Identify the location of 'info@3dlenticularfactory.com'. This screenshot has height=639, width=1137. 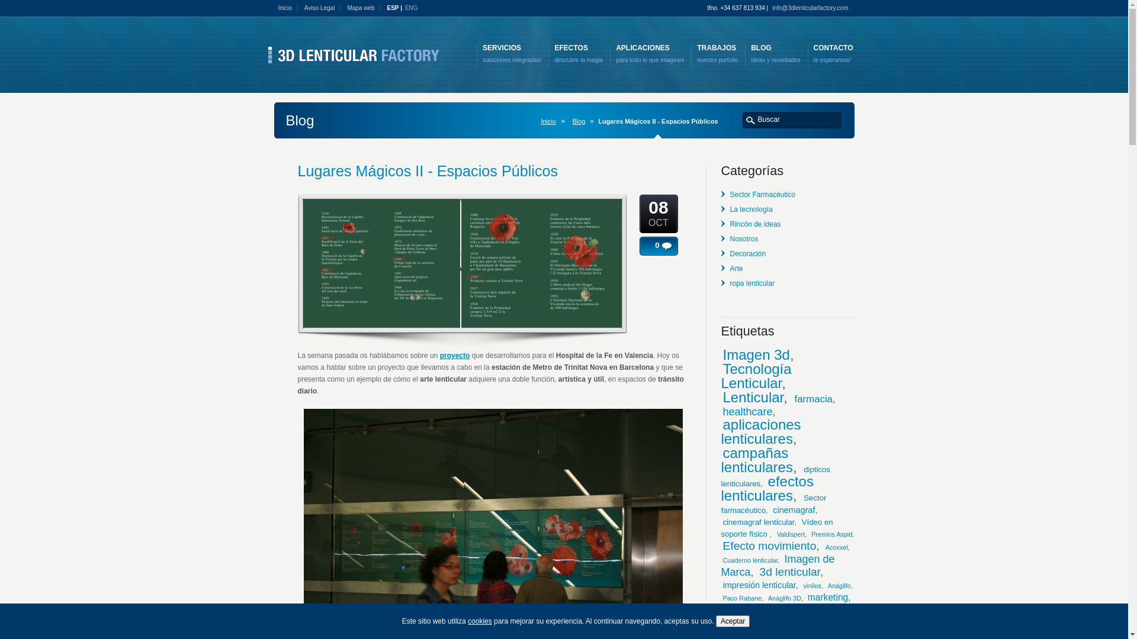
(812, 8).